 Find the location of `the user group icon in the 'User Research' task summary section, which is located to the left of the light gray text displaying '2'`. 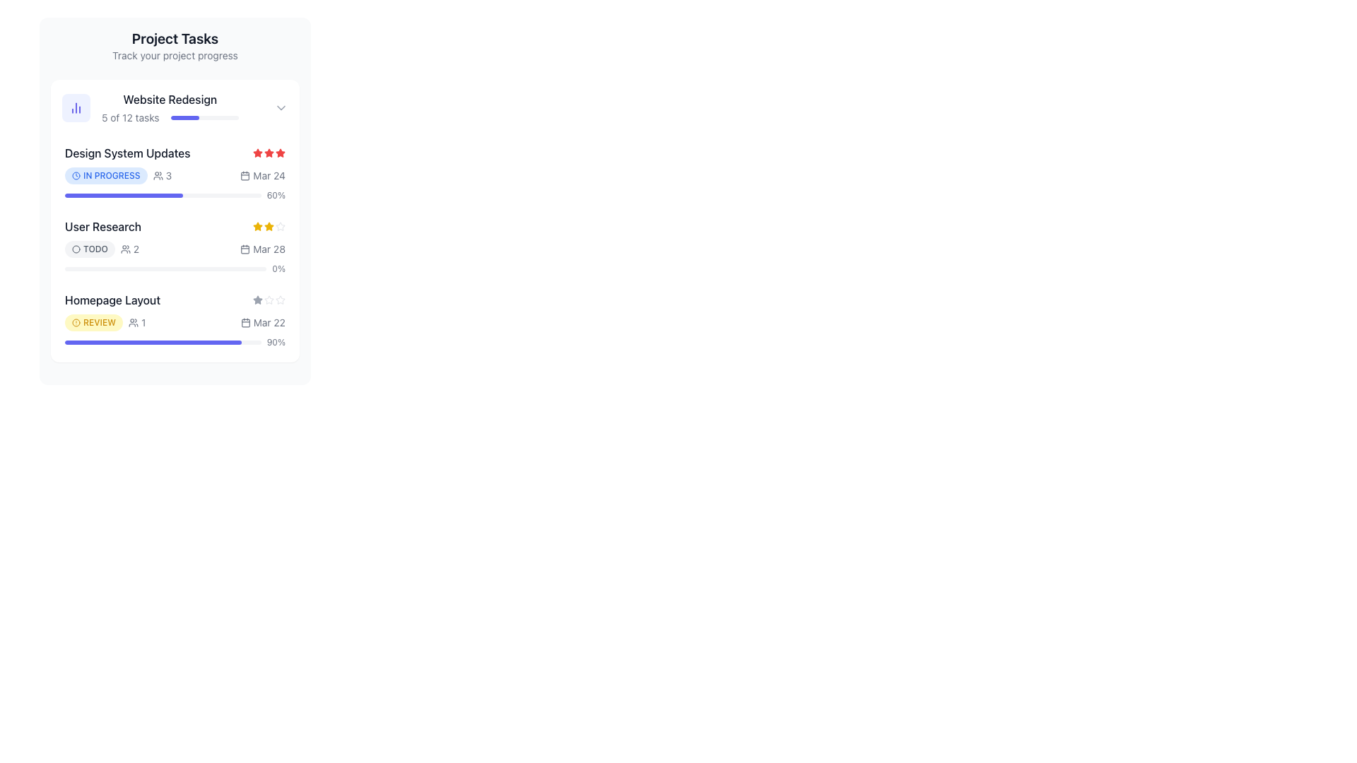

the user group icon in the 'User Research' task summary section, which is located to the left of the light gray text displaying '2' is located at coordinates (125, 249).